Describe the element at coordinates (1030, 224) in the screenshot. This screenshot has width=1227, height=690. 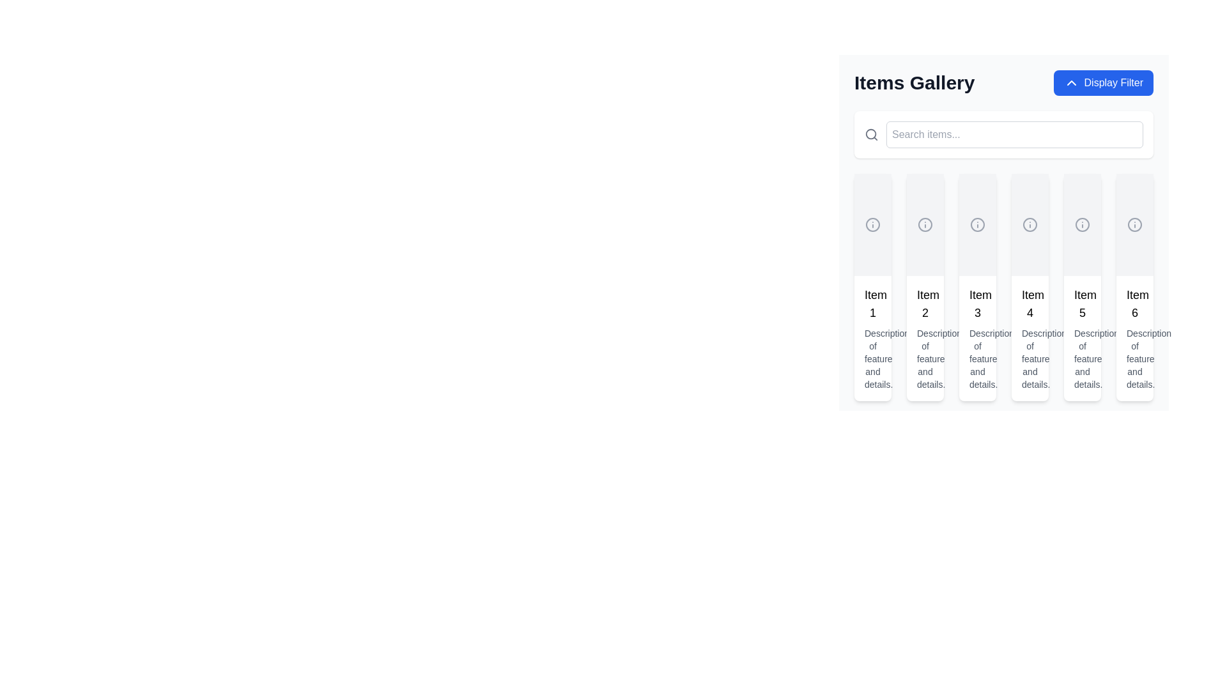
I see `the Decorative panel with an embedded information icon located at the top section of the 'Item 4' card` at that location.